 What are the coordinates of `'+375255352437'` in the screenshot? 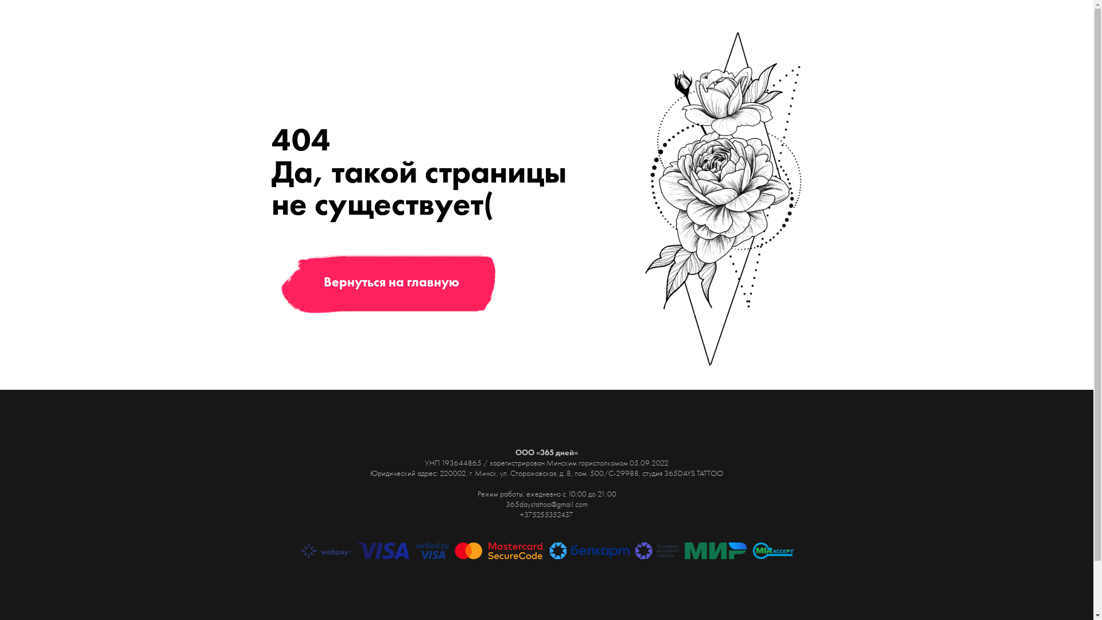 It's located at (519, 513).